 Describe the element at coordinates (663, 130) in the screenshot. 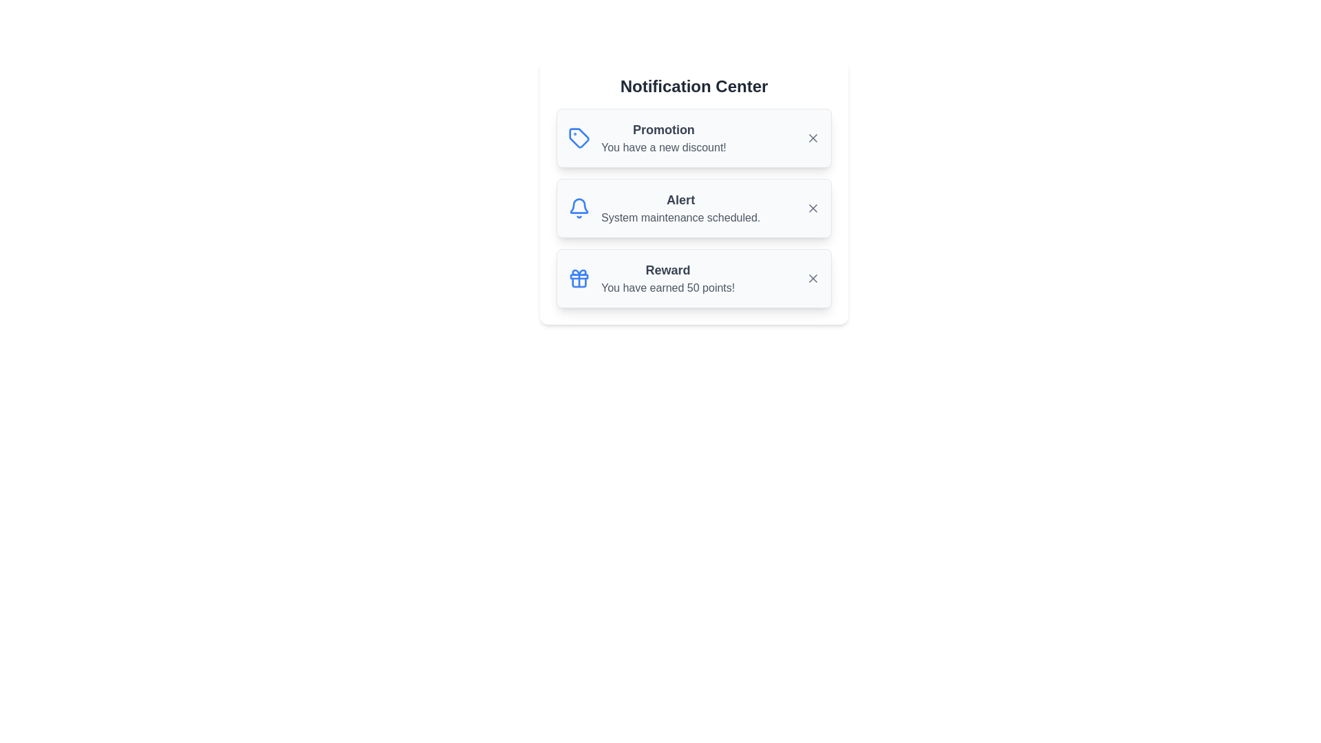

I see `the text label that serves as the heading for the 'Promotion' notification block, which is centrally positioned above the subtext 'You have a new discount!'` at that location.